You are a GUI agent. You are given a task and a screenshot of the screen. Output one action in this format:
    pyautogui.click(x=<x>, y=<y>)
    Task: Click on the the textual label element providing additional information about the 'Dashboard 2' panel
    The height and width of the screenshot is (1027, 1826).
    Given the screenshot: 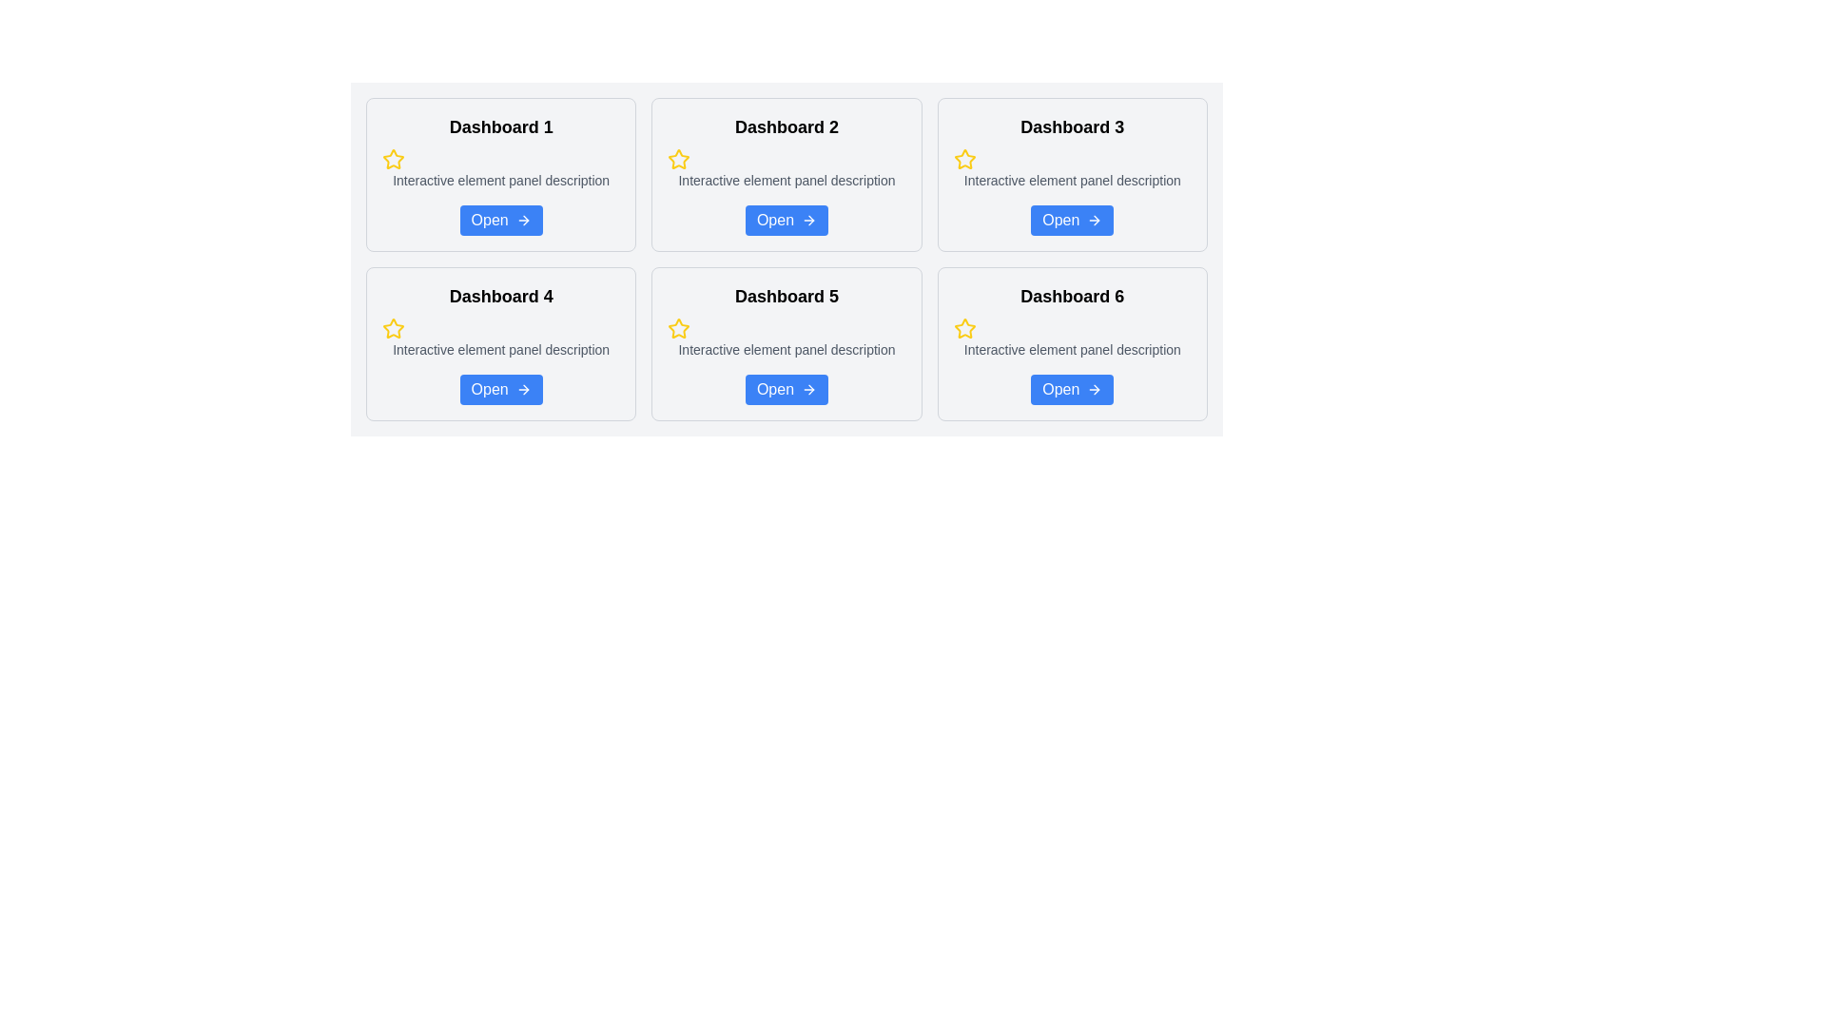 What is the action you would take?
    pyautogui.click(x=787, y=180)
    